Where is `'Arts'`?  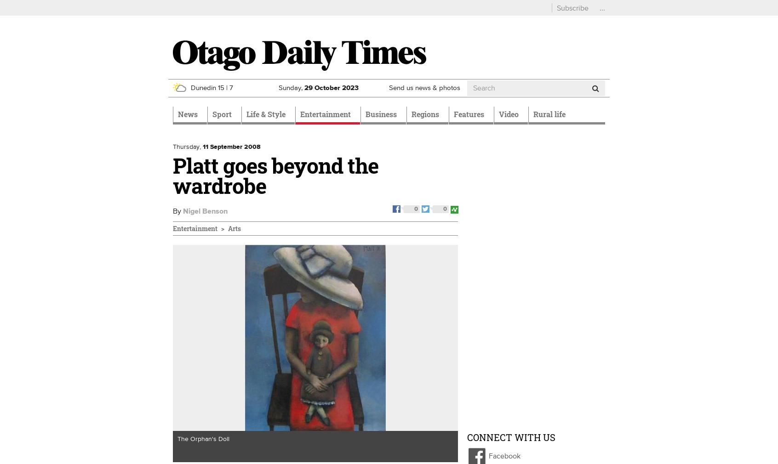
'Arts' is located at coordinates (234, 228).